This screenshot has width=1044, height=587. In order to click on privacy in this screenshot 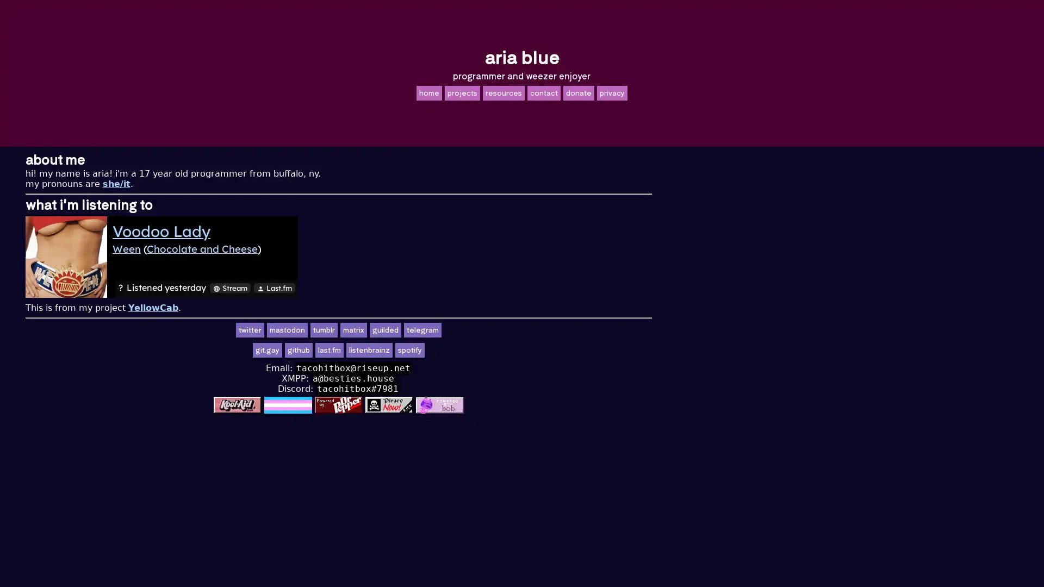, I will do `click(611, 92)`.